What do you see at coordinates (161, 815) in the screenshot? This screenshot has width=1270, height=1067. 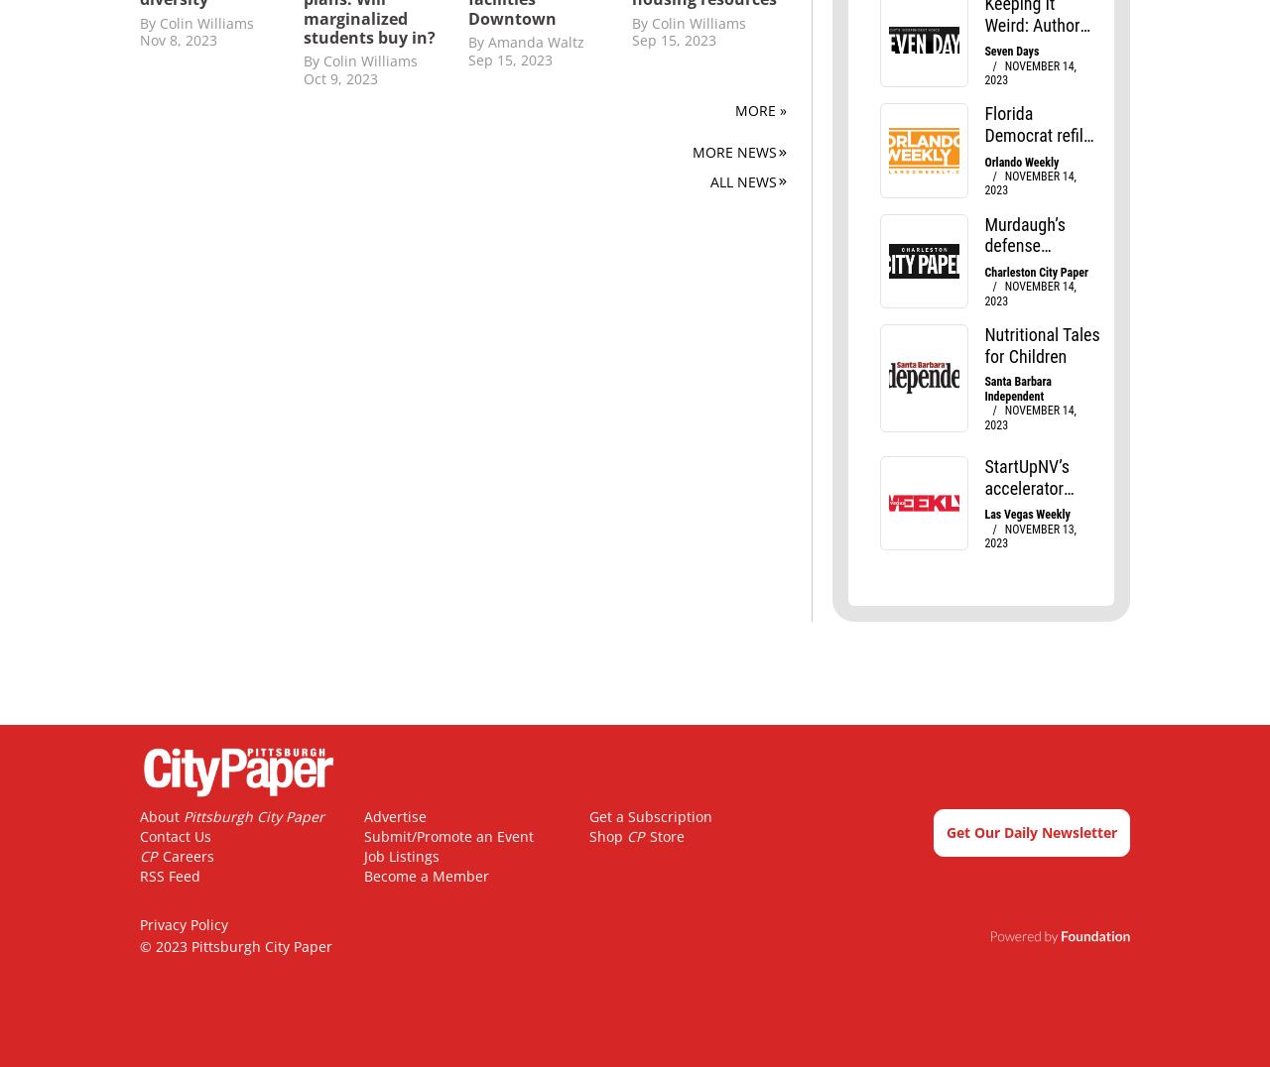 I see `'About'` at bounding box center [161, 815].